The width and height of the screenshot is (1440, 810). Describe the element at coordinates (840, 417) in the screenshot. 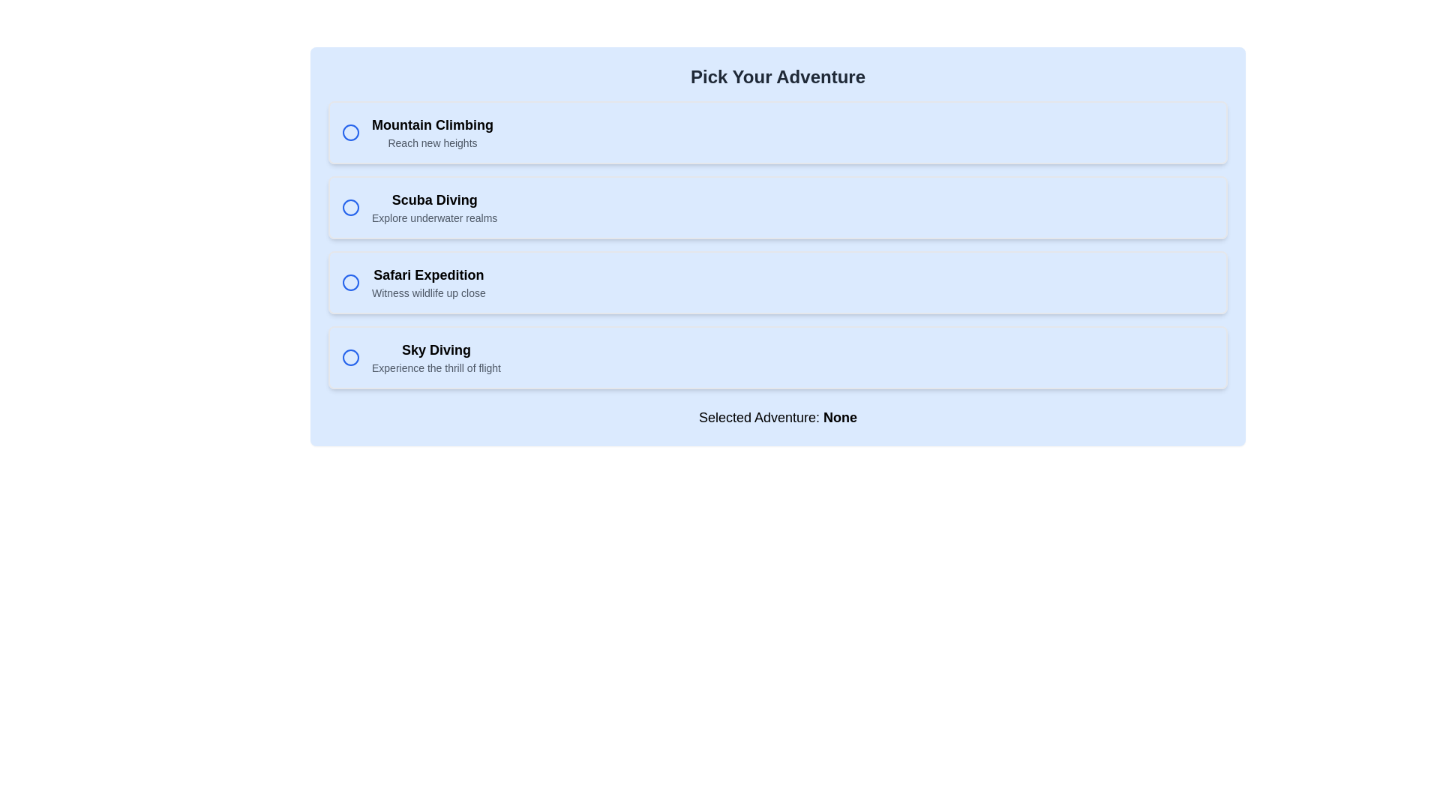

I see `the bold-styled text displaying 'None' located to the right of 'Selected Adventure:' at the bottom center of the interface` at that location.